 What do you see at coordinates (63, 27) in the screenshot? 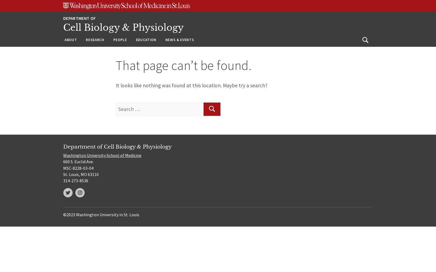
I see `'Cell Biology & Physiology'` at bounding box center [63, 27].